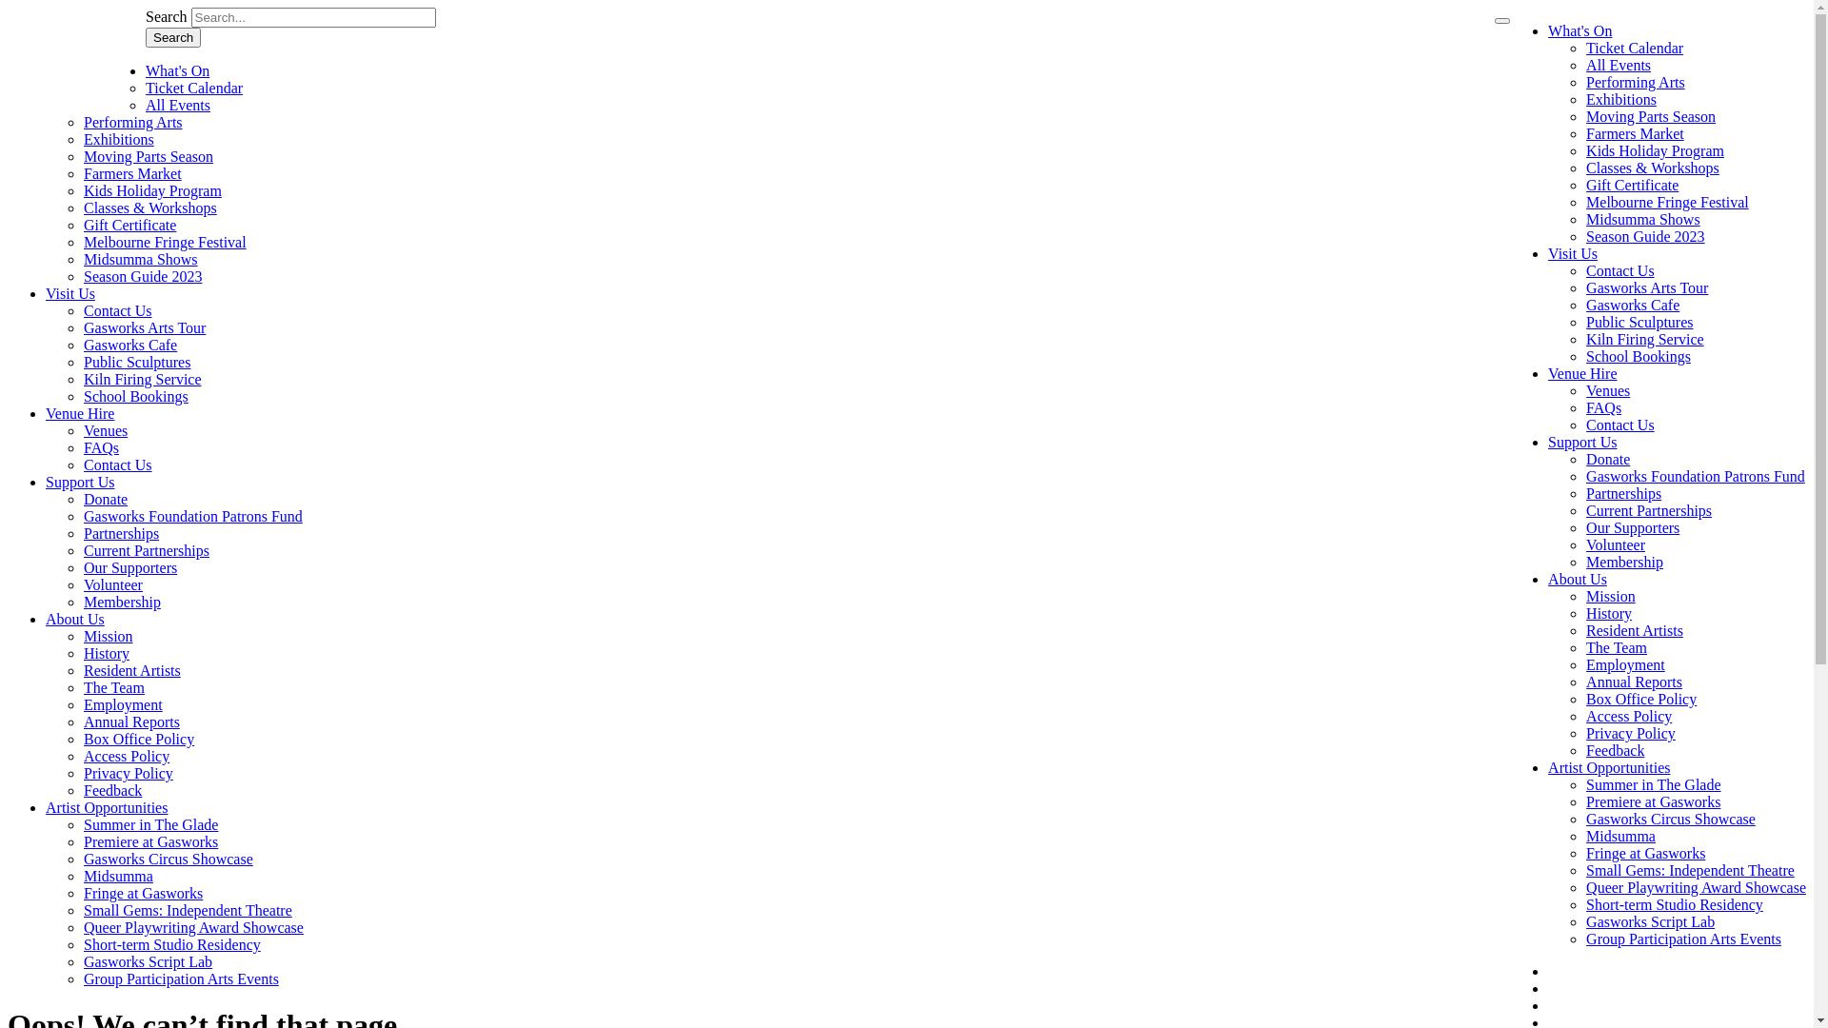 The height and width of the screenshot is (1028, 1828). What do you see at coordinates (46, 481) in the screenshot?
I see `'Support Us'` at bounding box center [46, 481].